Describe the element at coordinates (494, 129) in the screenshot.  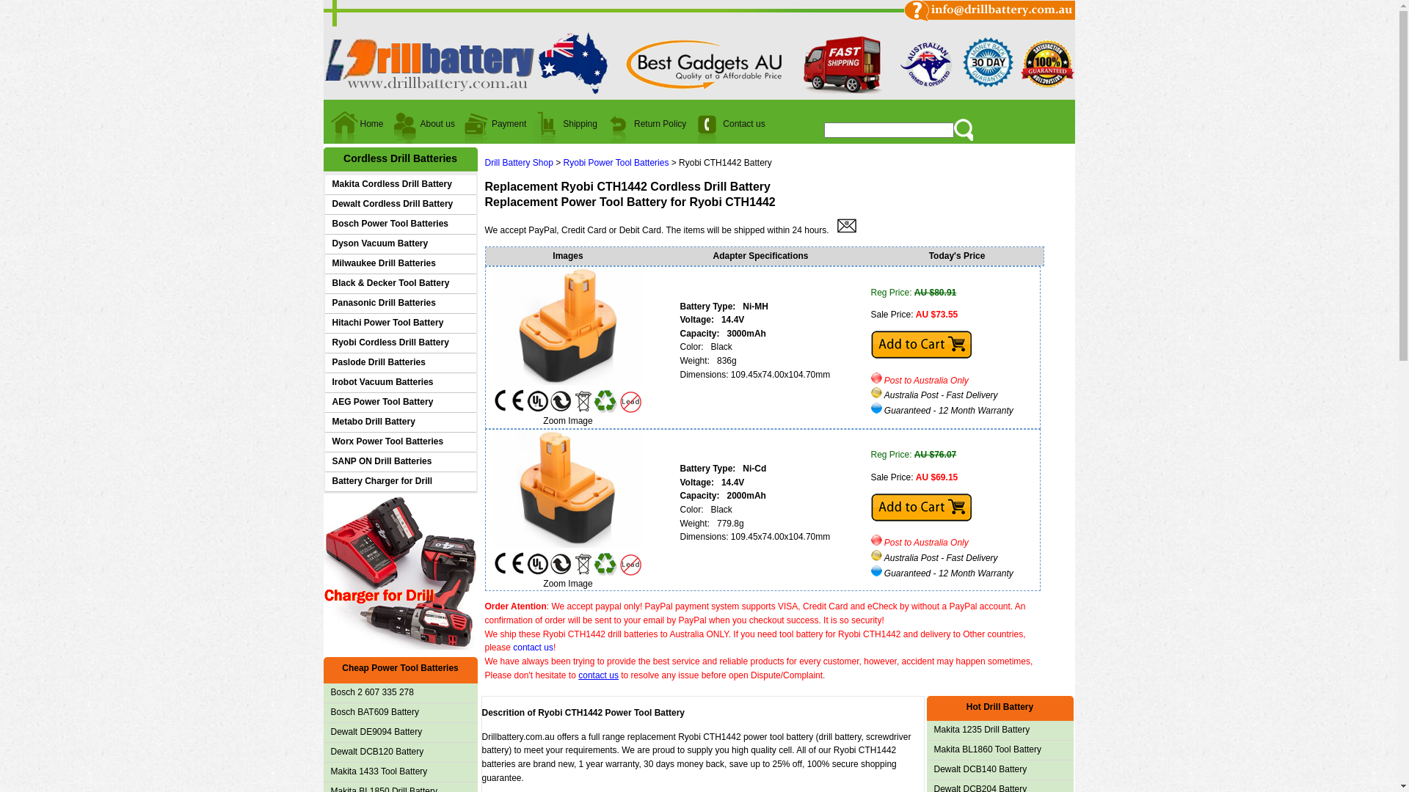
I see `'Payment'` at that location.